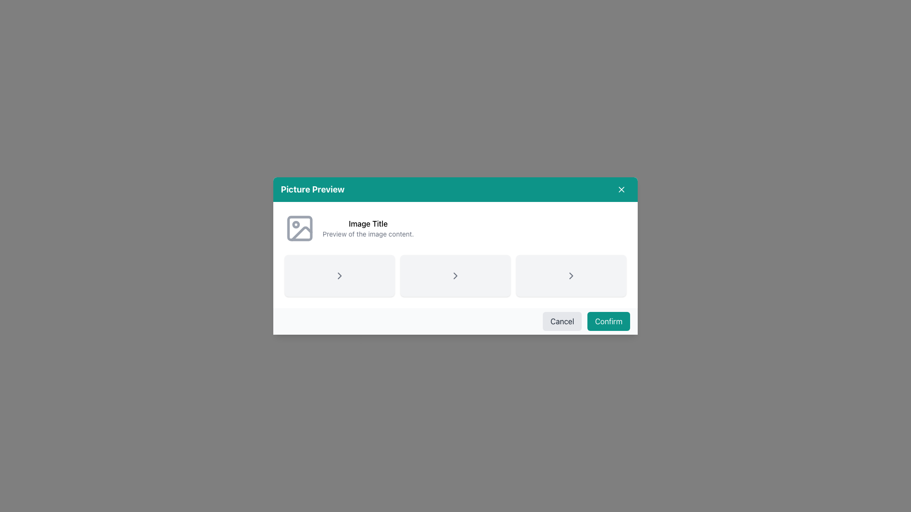  Describe the element at coordinates (455, 276) in the screenshot. I see `the central chevron (right arrow) icon used for navigation located in the middle region of the dialog box` at that location.